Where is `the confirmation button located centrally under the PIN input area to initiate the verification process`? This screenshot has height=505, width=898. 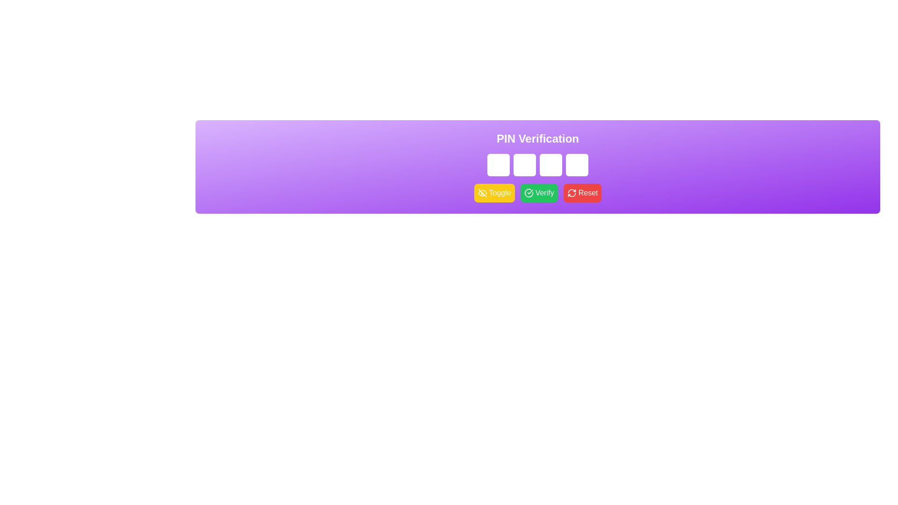
the confirmation button located centrally under the PIN input area to initiate the verification process is located at coordinates (538, 192).